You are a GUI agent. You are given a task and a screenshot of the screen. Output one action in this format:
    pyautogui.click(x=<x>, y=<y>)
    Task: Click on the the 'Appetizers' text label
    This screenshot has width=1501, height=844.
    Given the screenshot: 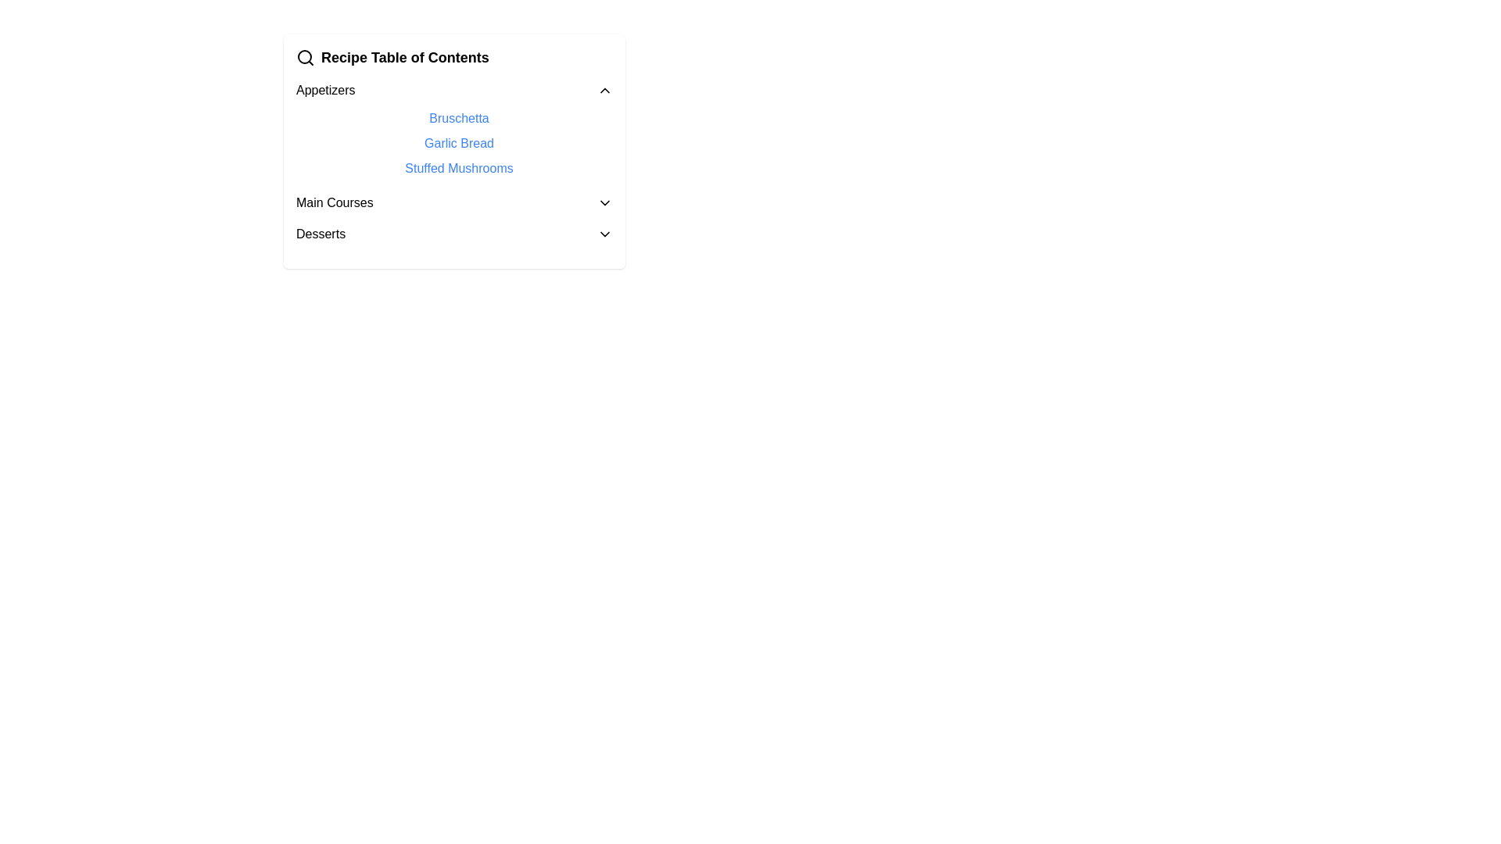 What is the action you would take?
    pyautogui.click(x=324, y=90)
    